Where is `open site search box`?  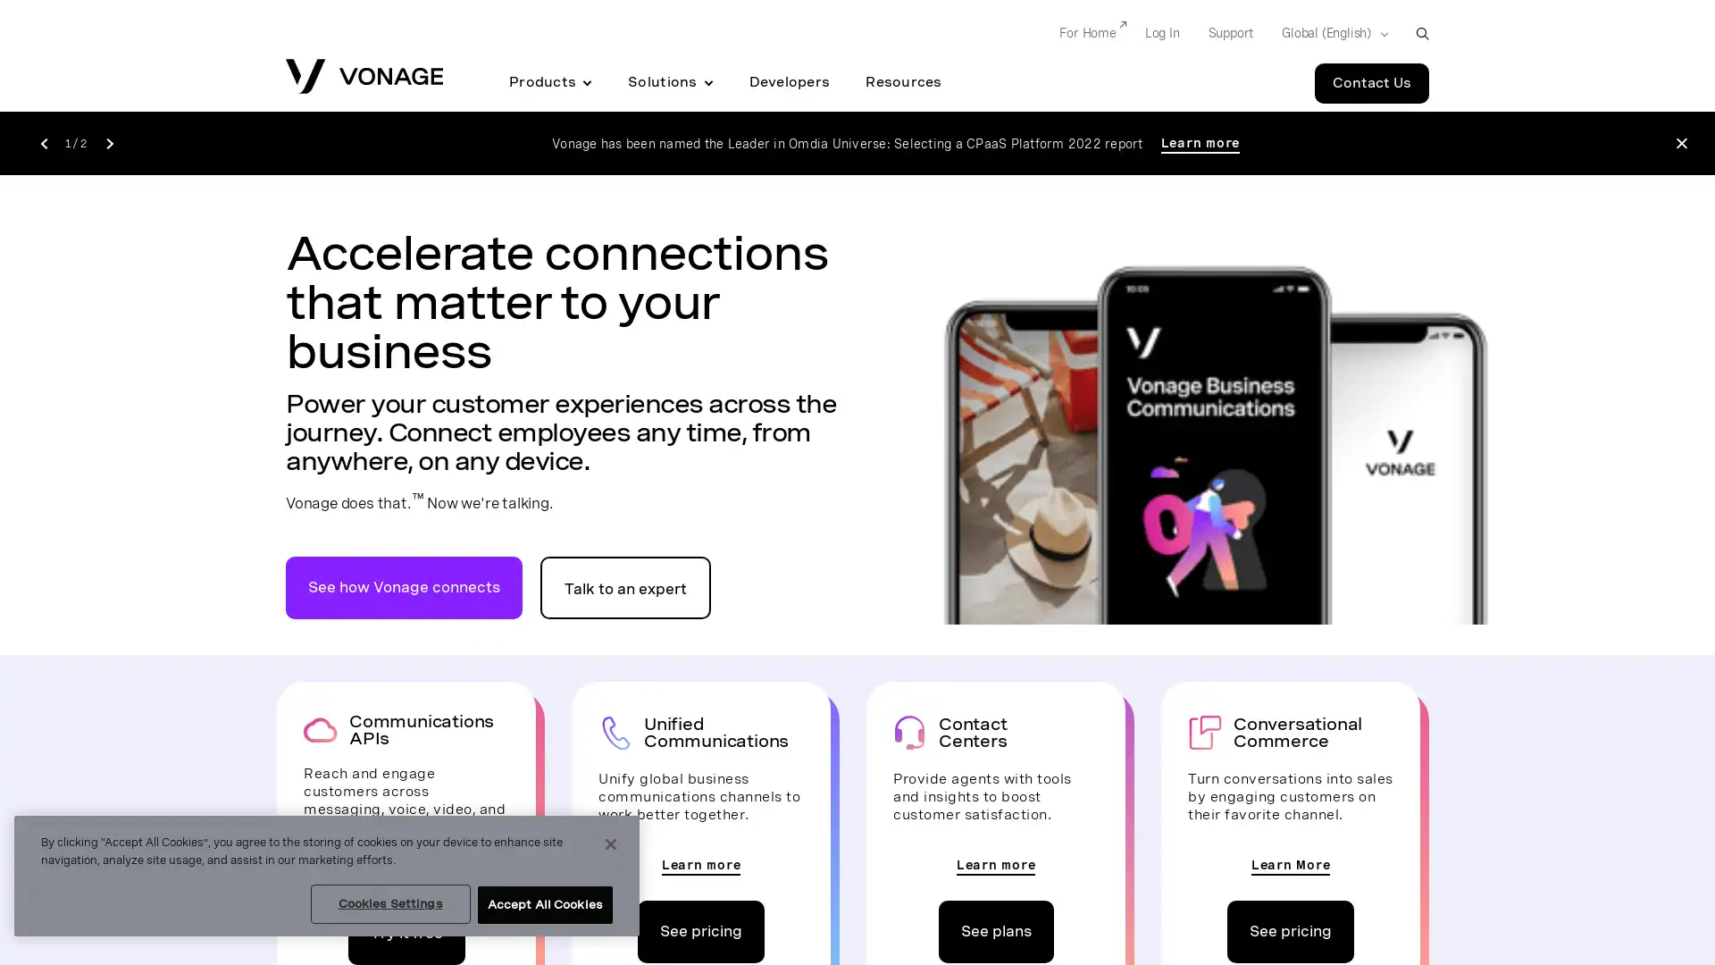
open site search box is located at coordinates (1421, 33).